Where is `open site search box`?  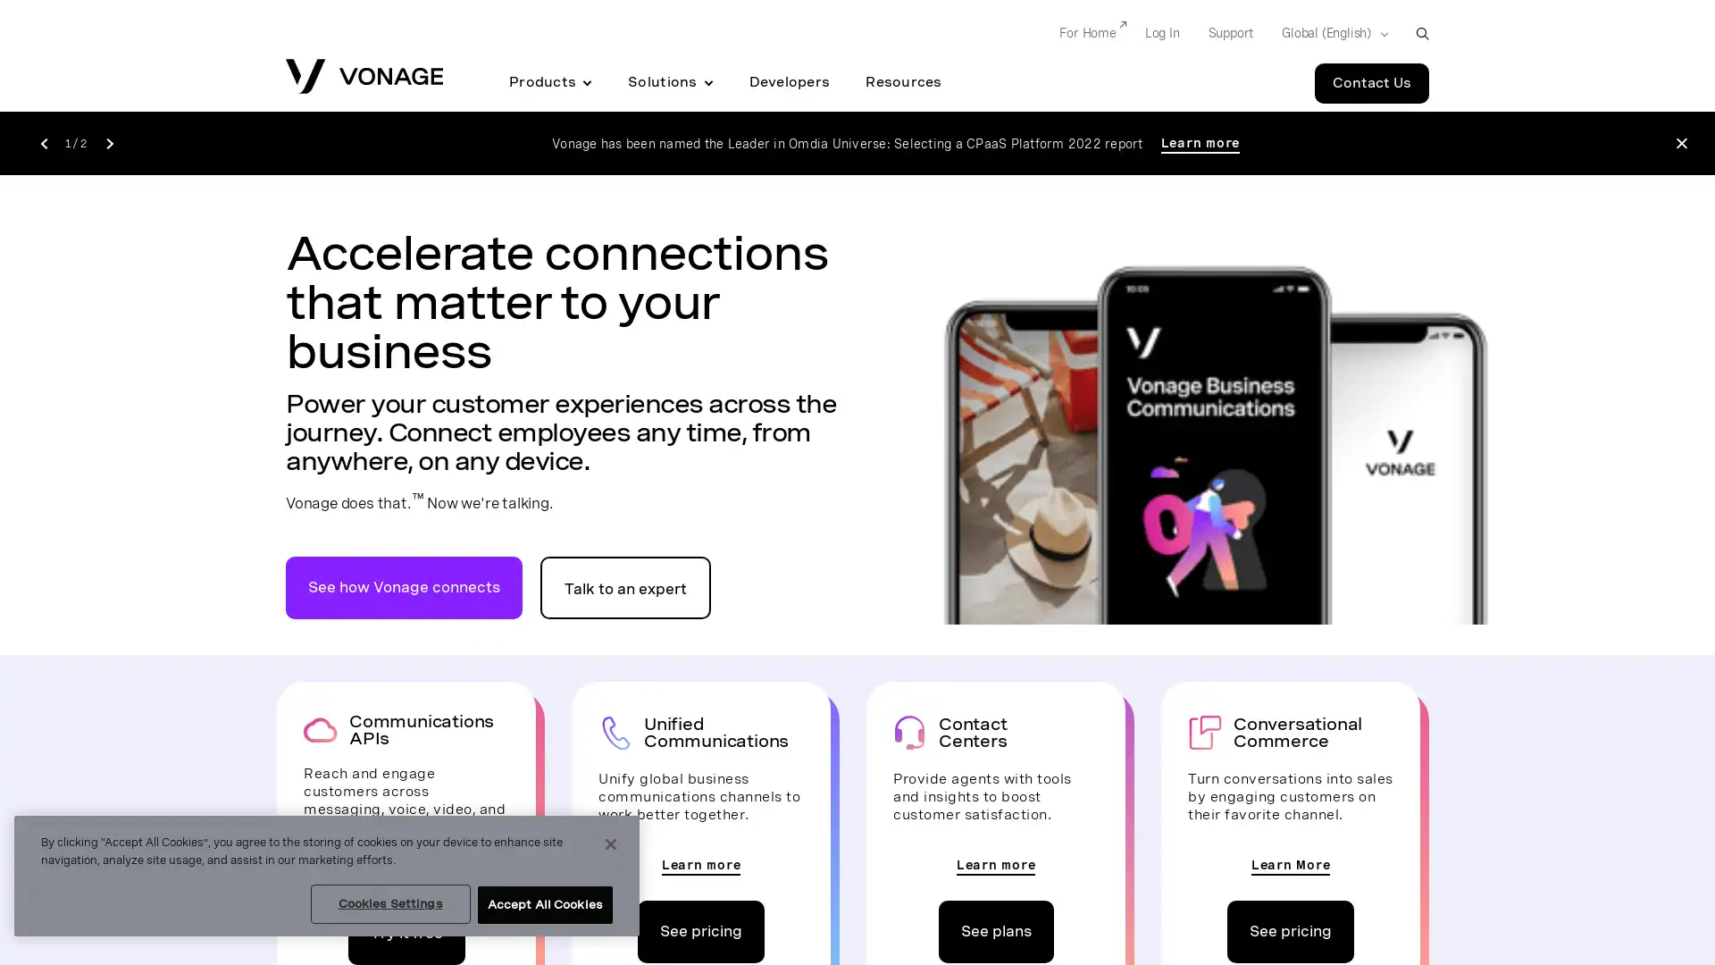
open site search box is located at coordinates (1421, 33).